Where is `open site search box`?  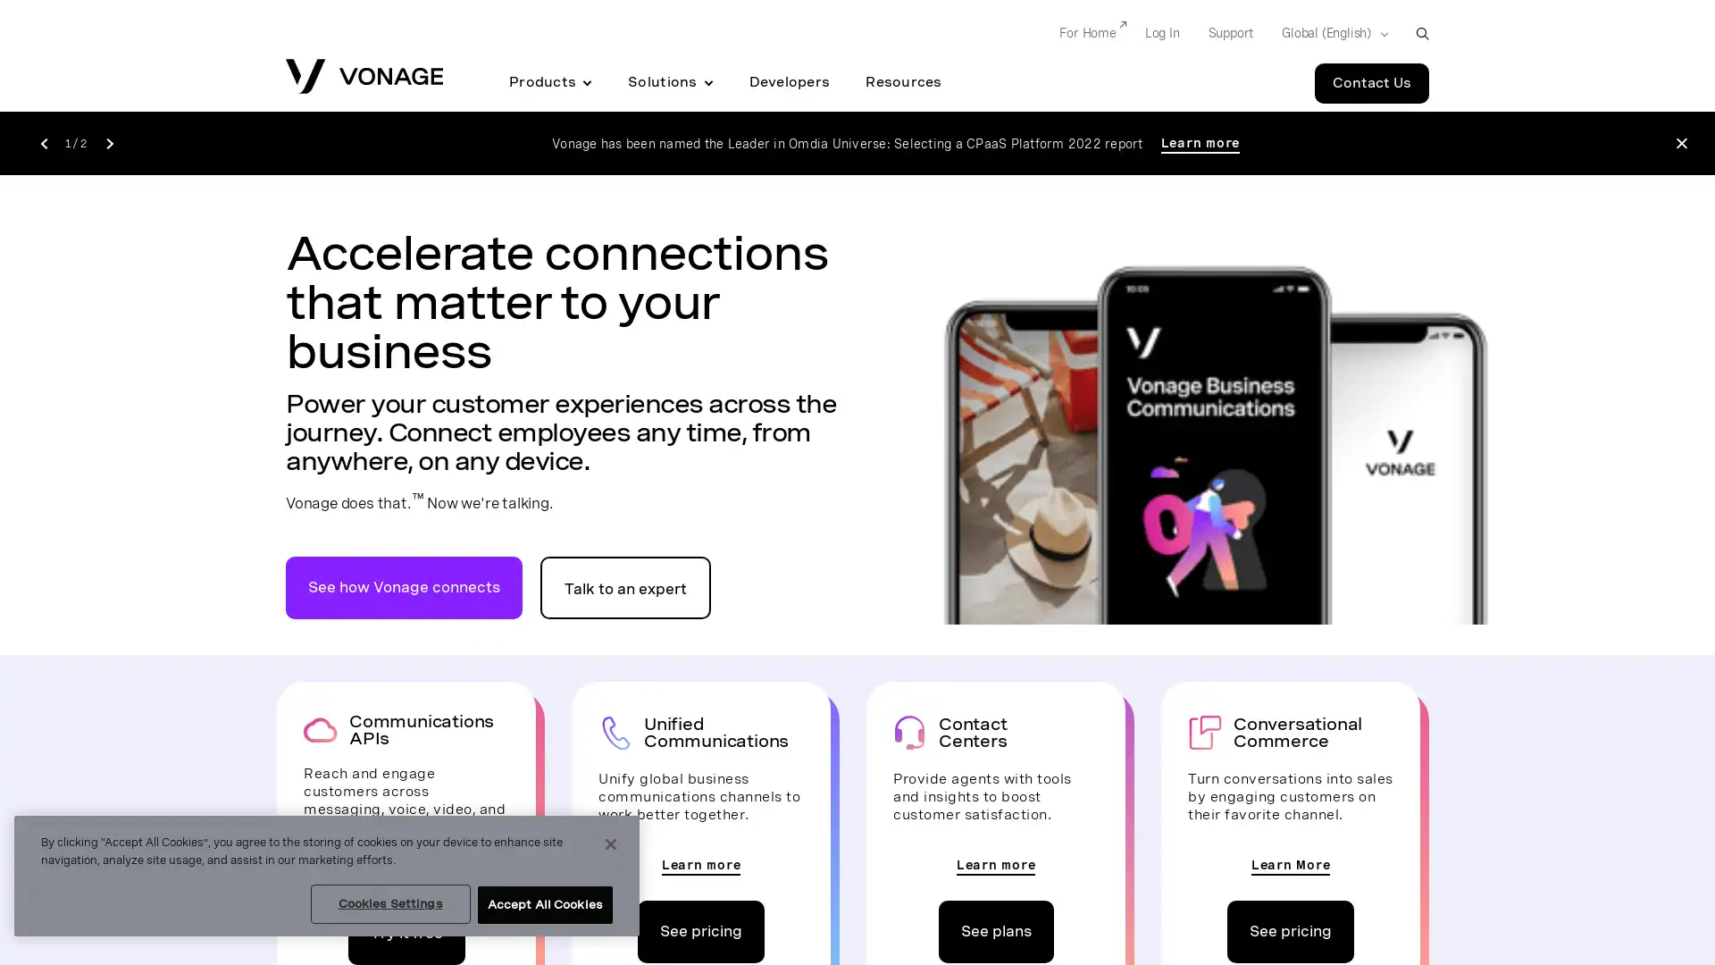
open site search box is located at coordinates (1421, 33).